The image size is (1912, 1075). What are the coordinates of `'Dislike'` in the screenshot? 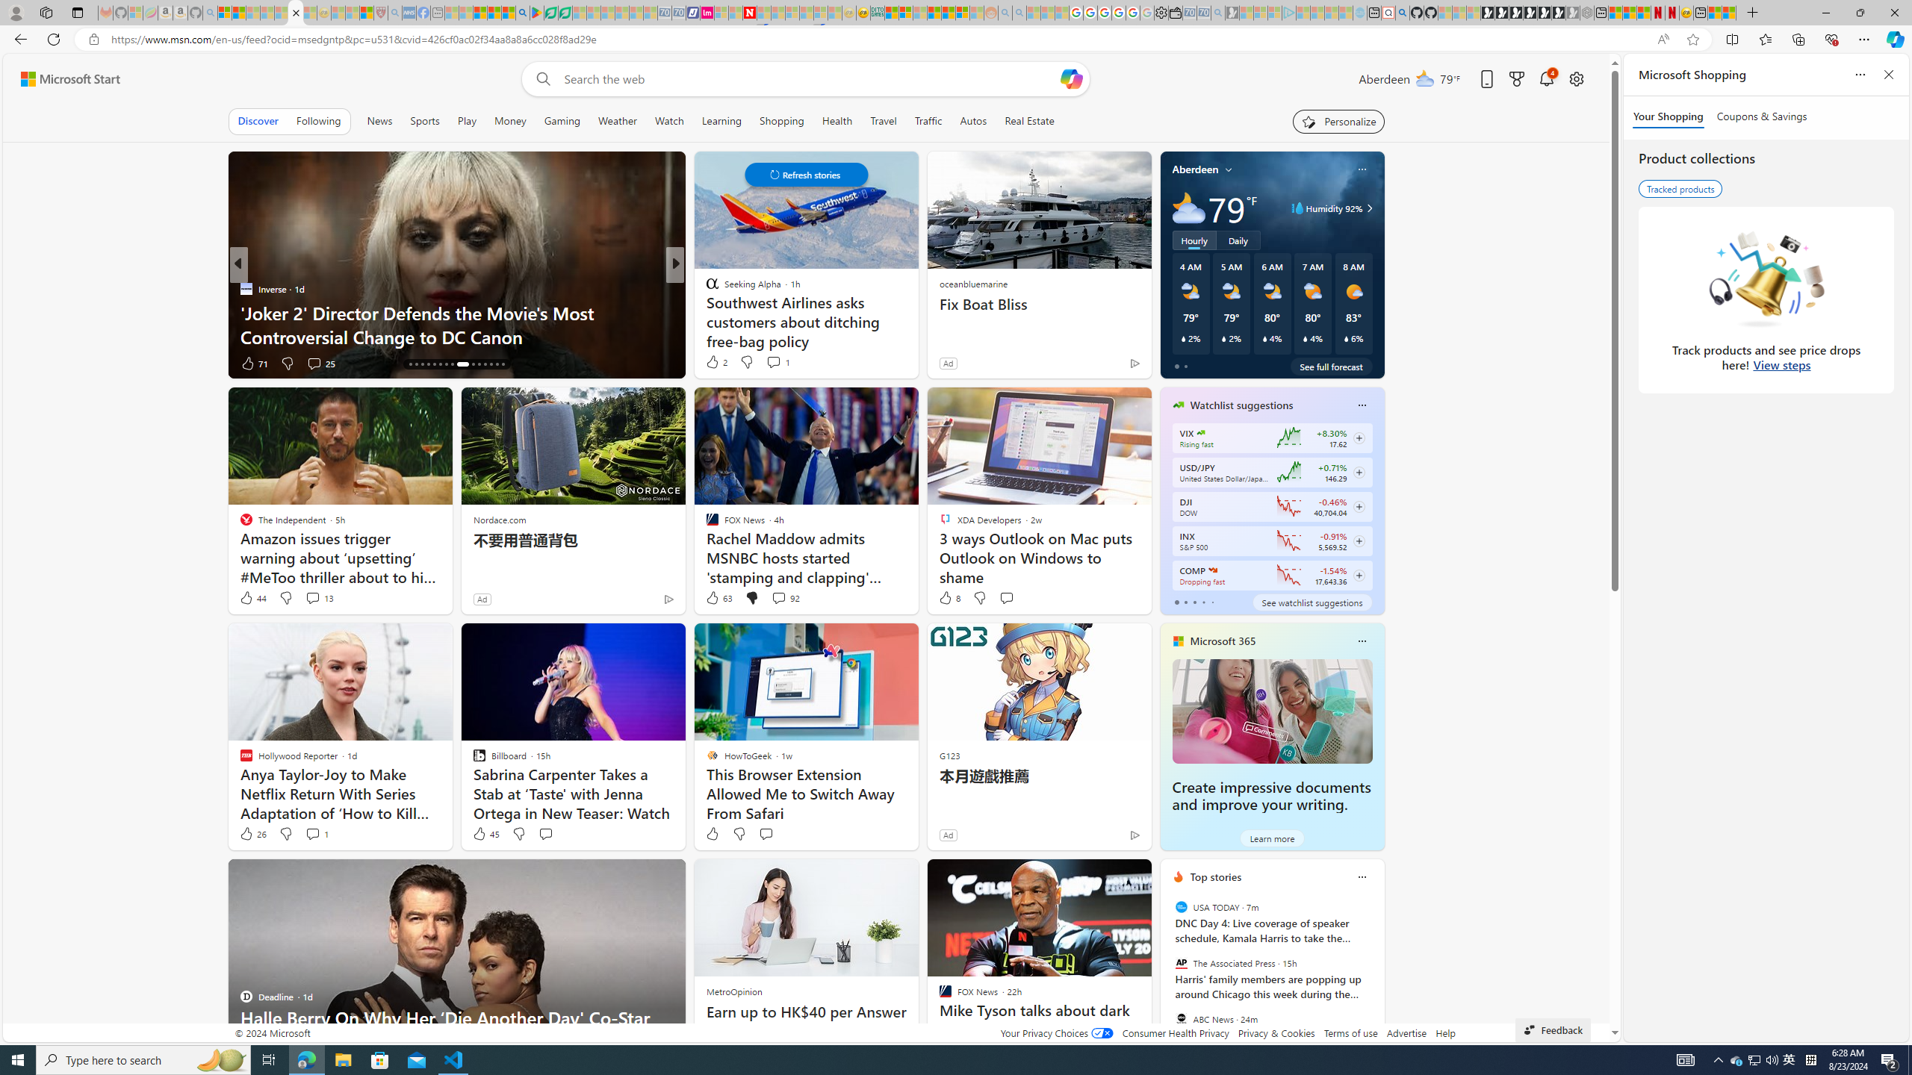 It's located at (738, 832).